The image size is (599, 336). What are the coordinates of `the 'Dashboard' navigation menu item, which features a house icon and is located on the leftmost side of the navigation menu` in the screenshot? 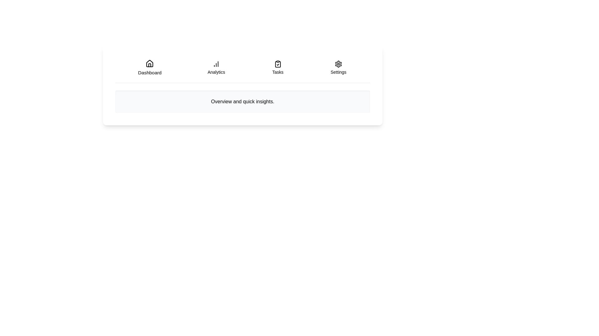 It's located at (149, 68).